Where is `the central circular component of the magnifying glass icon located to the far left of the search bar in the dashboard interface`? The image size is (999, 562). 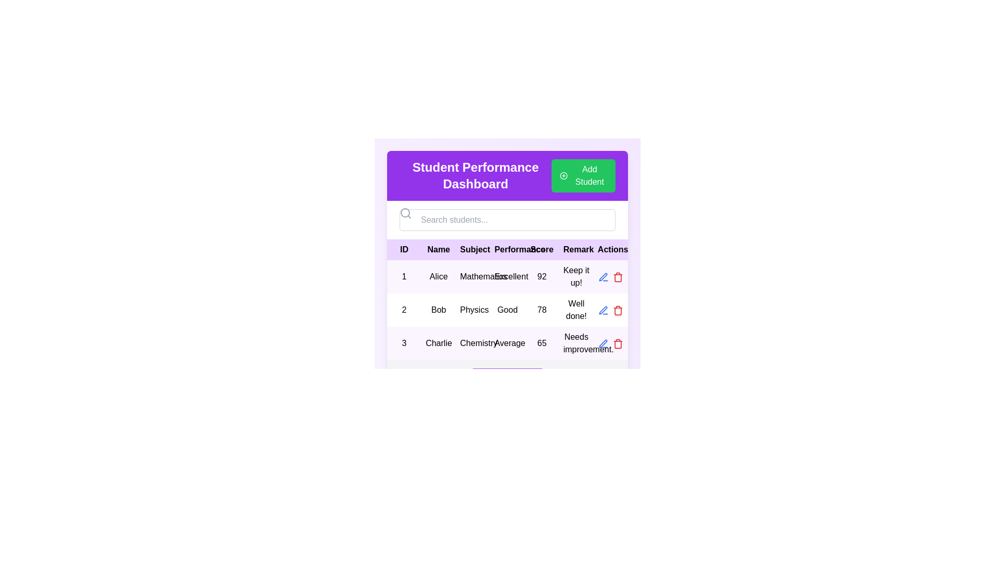
the central circular component of the magnifying glass icon located to the far left of the search bar in the dashboard interface is located at coordinates (404, 212).